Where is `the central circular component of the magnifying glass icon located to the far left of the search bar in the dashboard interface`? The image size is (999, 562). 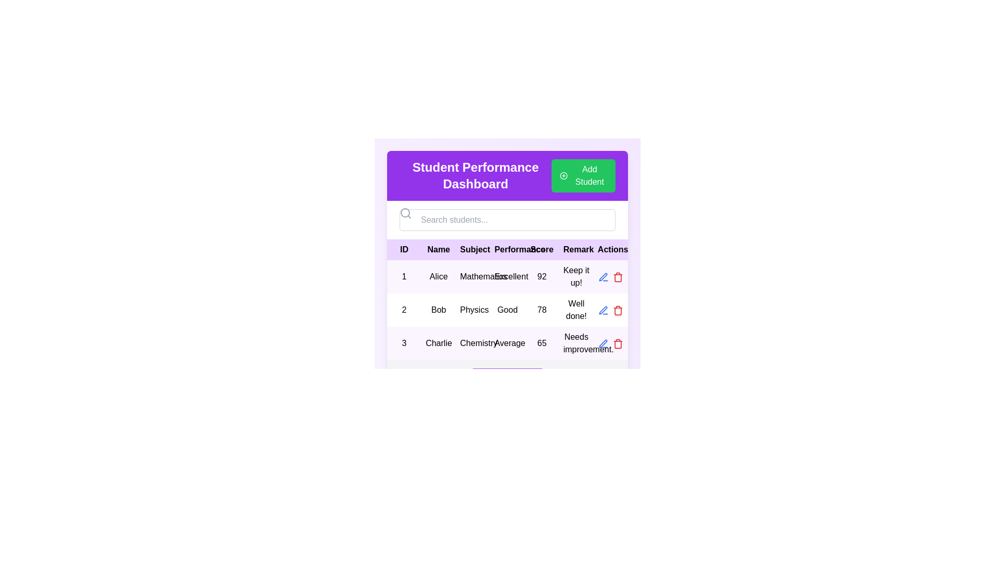
the central circular component of the magnifying glass icon located to the far left of the search bar in the dashboard interface is located at coordinates (404, 212).